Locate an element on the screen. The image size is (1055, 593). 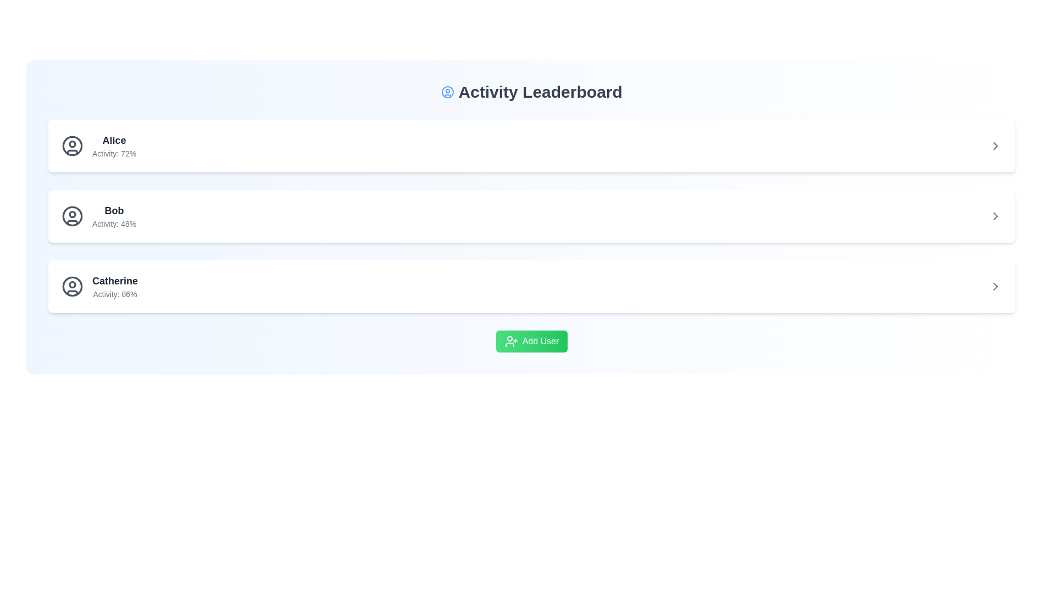
the second item in the Activity Leaderboard, which displays the name 'Bob' and includes a profile avatar and a chevron icon is located at coordinates (532, 216).